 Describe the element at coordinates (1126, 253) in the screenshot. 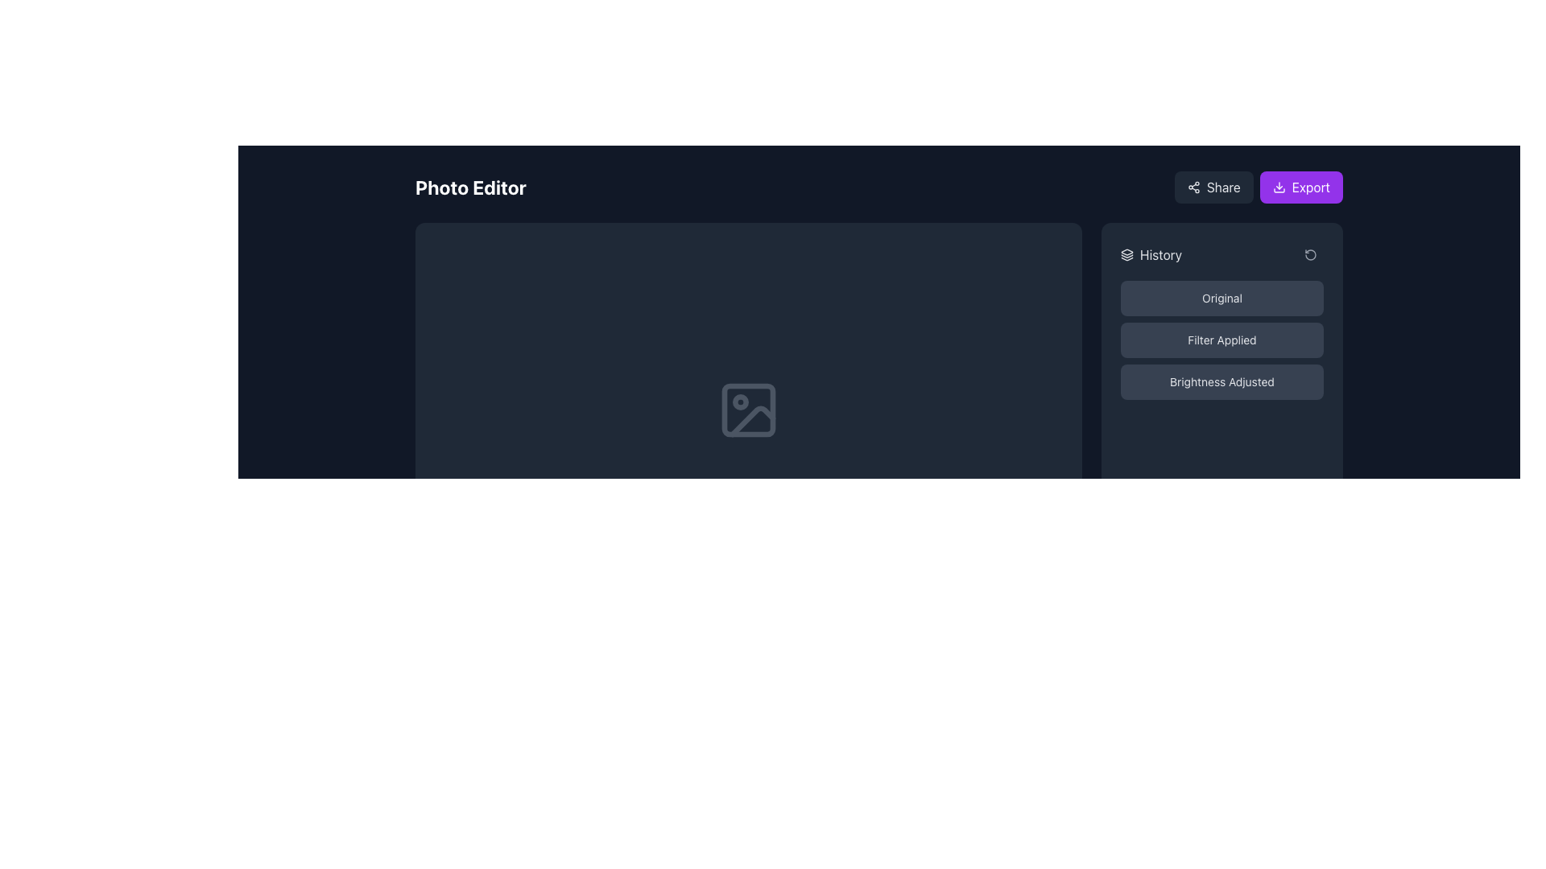

I see `the 'History' icon located in the top section of the 'History' panel, specifically to the left of the text label 'History'. This icon serves as a visual indicator for the 'History' section` at that location.